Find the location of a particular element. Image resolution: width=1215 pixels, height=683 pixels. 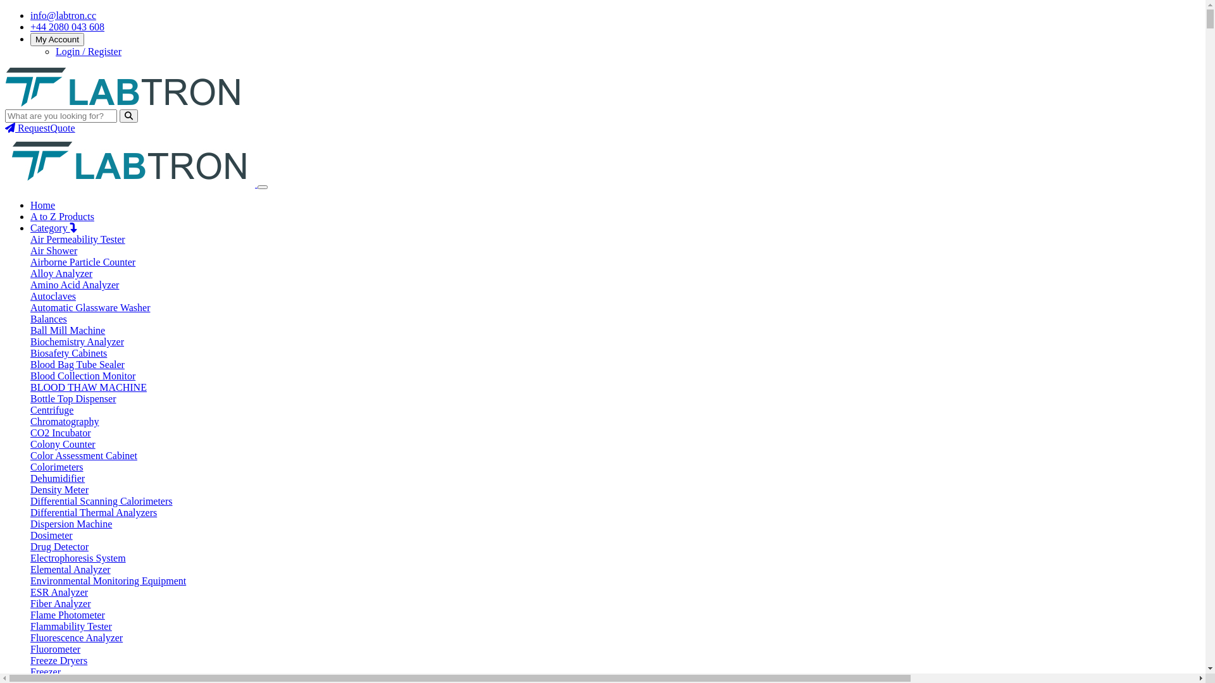

'Autoclaves' is located at coordinates (52, 296).